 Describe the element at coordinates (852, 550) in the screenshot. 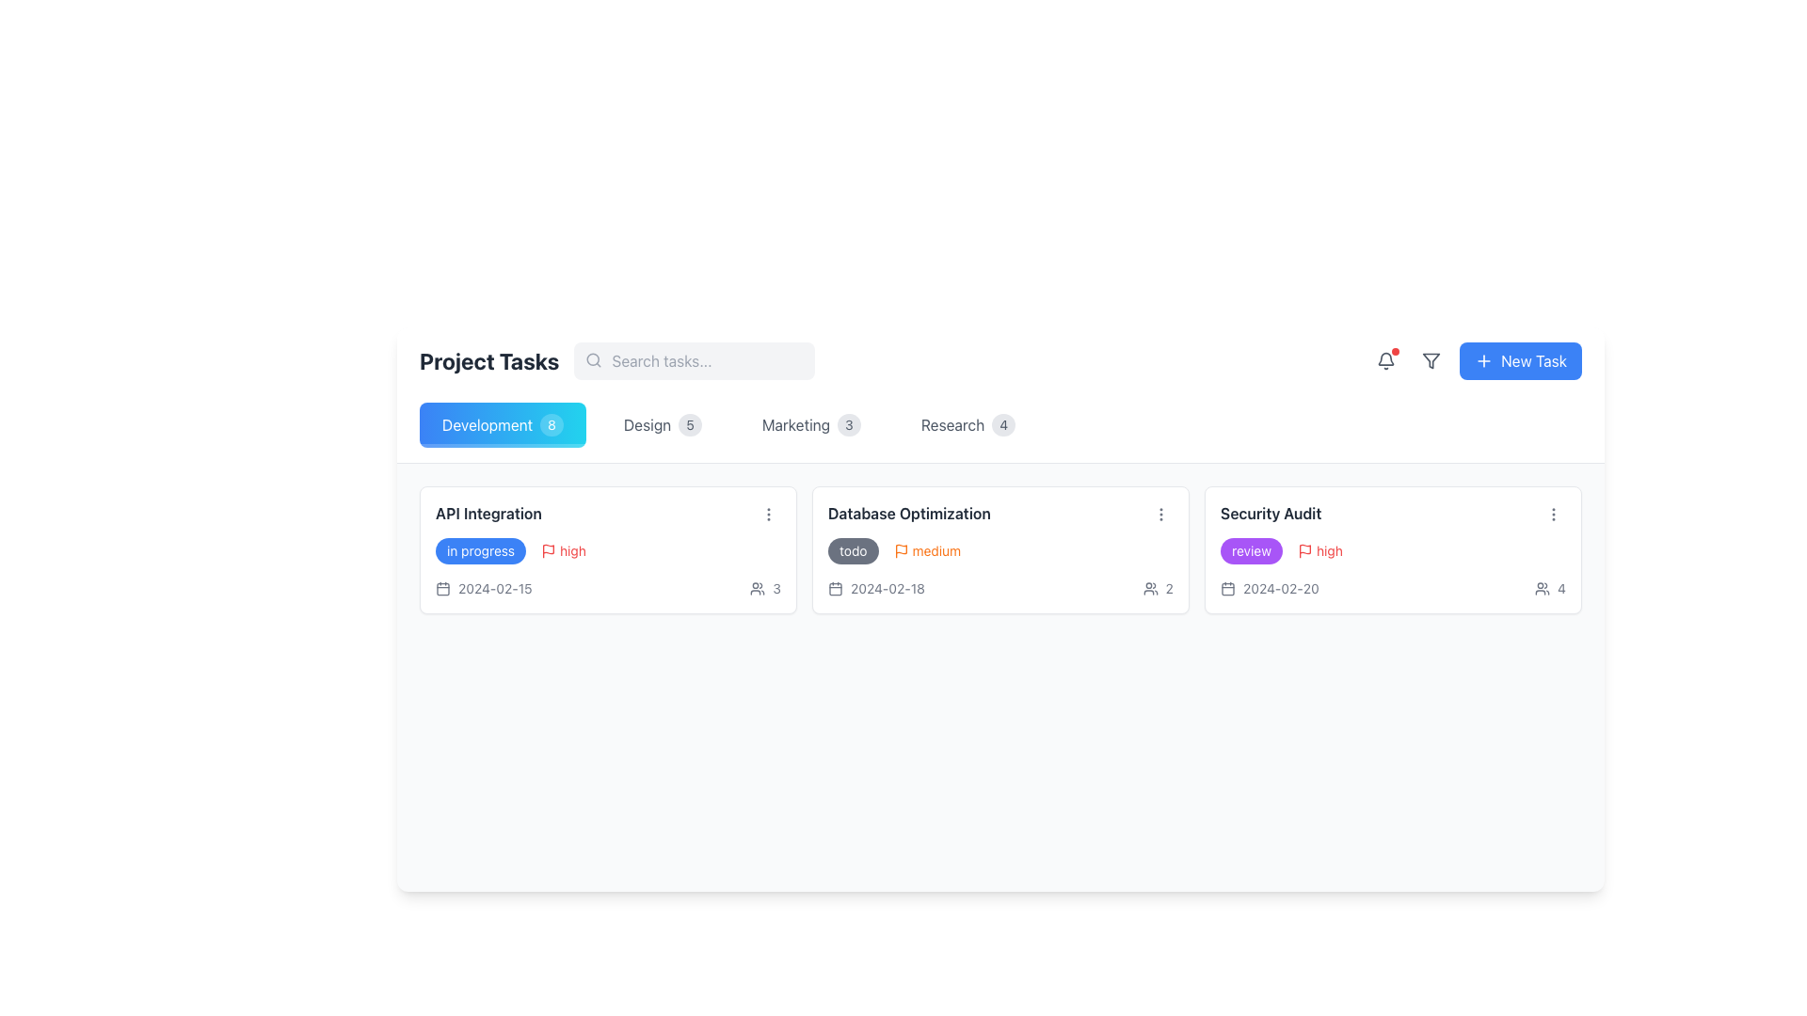

I see `the label indicating the status or category for the task 'Database Optimization', which is located in the upper-left area of the task card` at that location.